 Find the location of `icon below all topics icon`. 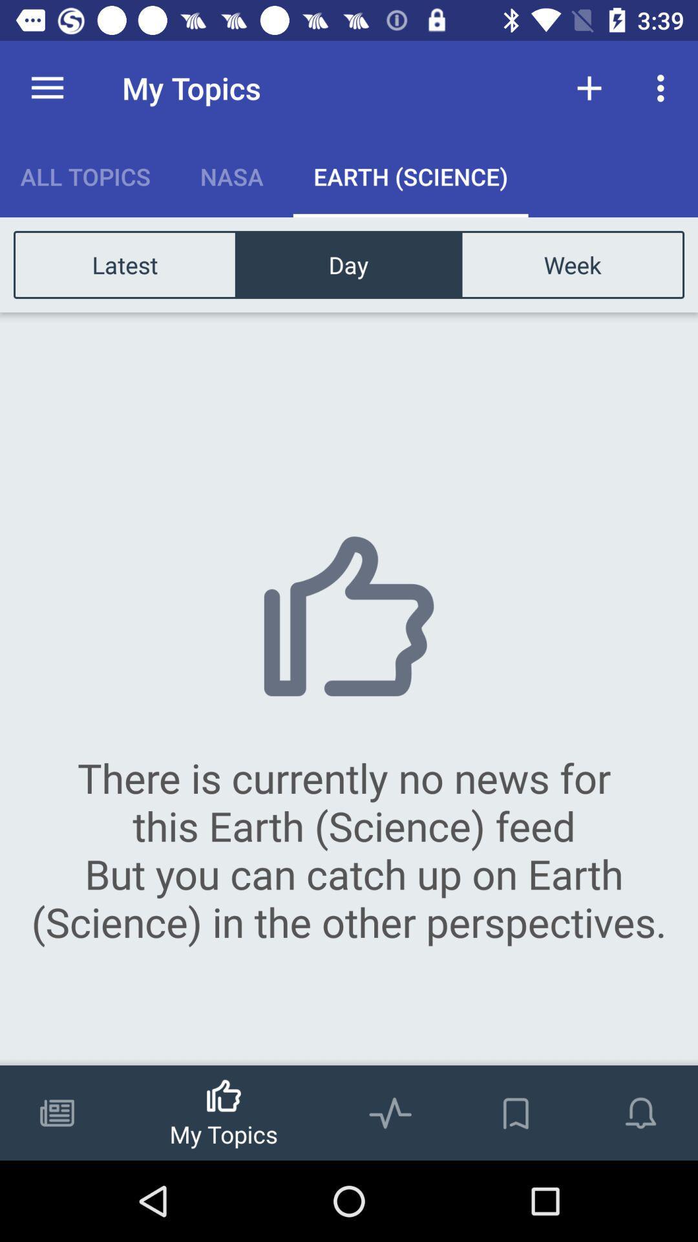

icon below all topics icon is located at coordinates (125, 264).